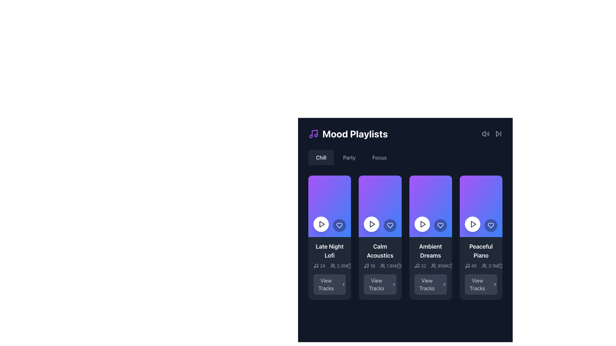 The width and height of the screenshot is (616, 346). Describe the element at coordinates (472, 224) in the screenshot. I see `the circular button with a white background and a triangular play icon to play media` at that location.